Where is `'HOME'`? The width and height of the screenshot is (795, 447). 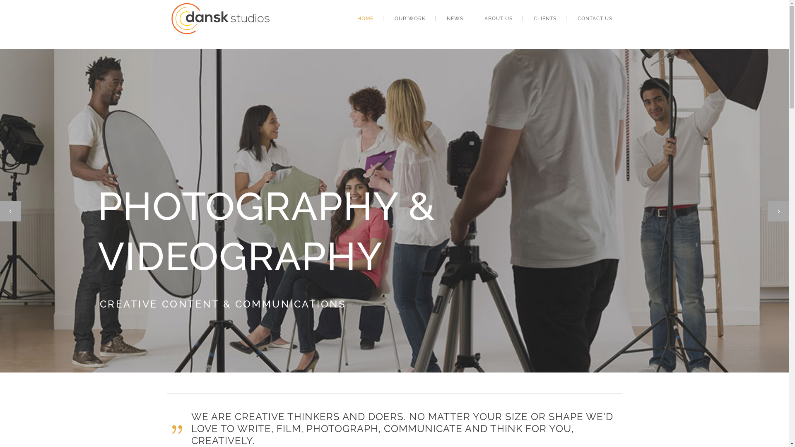 'HOME' is located at coordinates (364, 19).